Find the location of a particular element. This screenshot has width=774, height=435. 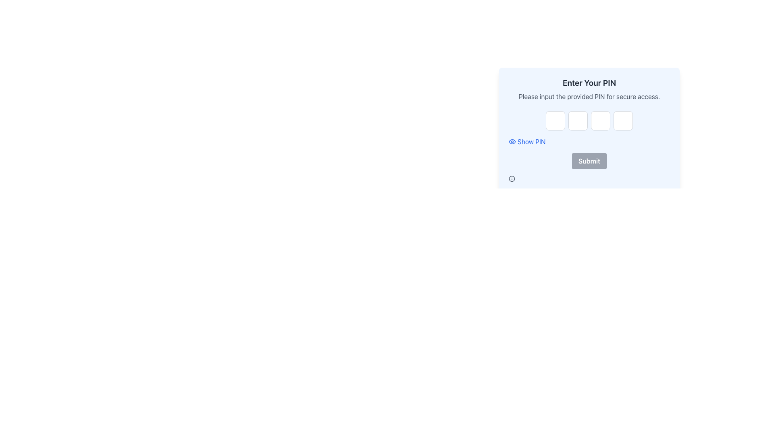

the second Password input field in the horizontal layout of four fields within the 'Enter Your PIN' card interface is located at coordinates (578, 121).